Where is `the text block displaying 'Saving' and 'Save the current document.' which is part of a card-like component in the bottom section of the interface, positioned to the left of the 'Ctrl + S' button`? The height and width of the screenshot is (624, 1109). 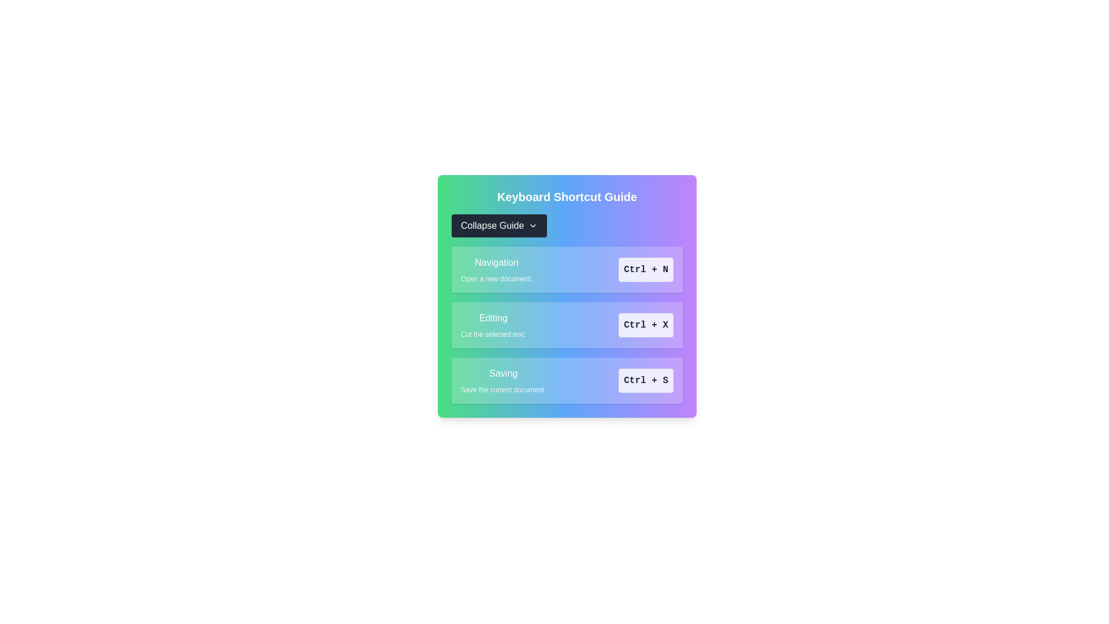 the text block displaying 'Saving' and 'Save the current document.' which is part of a card-like component in the bottom section of the interface, positioned to the left of the 'Ctrl + S' button is located at coordinates (503, 381).